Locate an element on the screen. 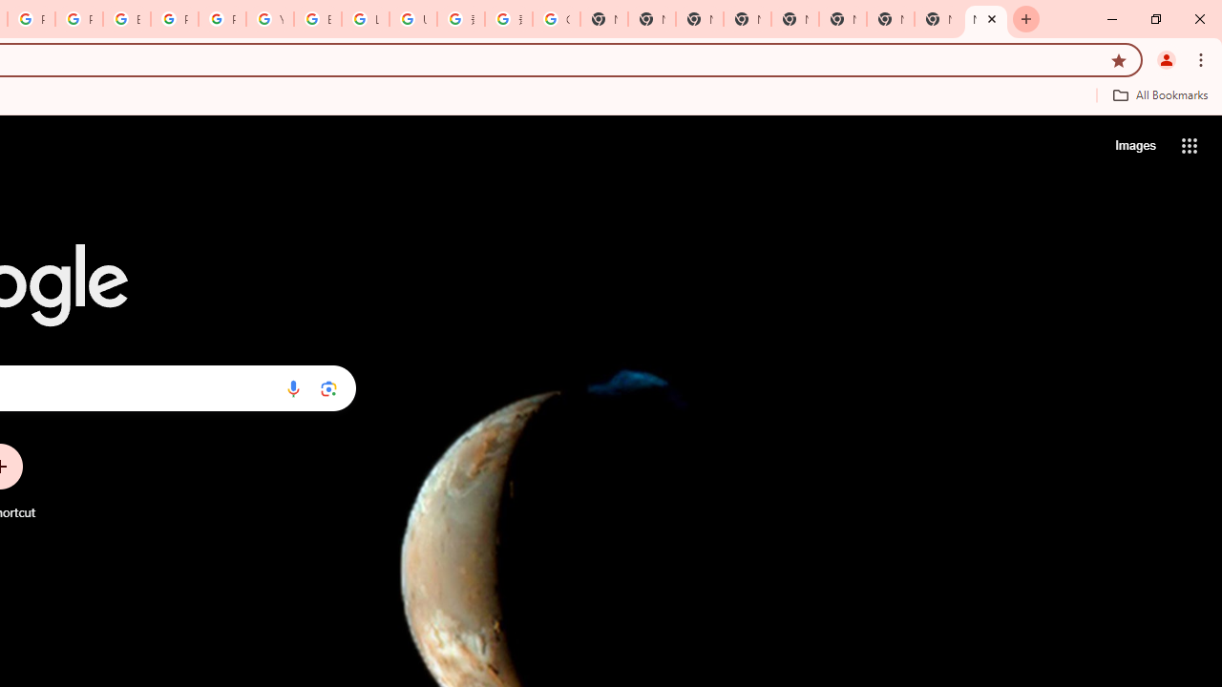 The height and width of the screenshot is (687, 1222). 'New Tab' is located at coordinates (985, 19).